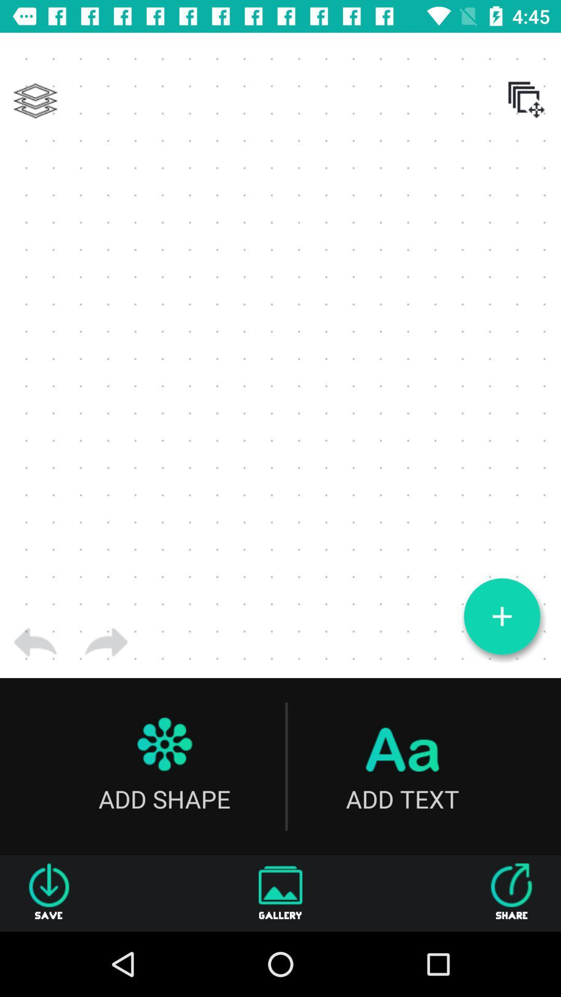 This screenshot has width=561, height=997. Describe the element at coordinates (35, 101) in the screenshot. I see `the layers icon` at that location.